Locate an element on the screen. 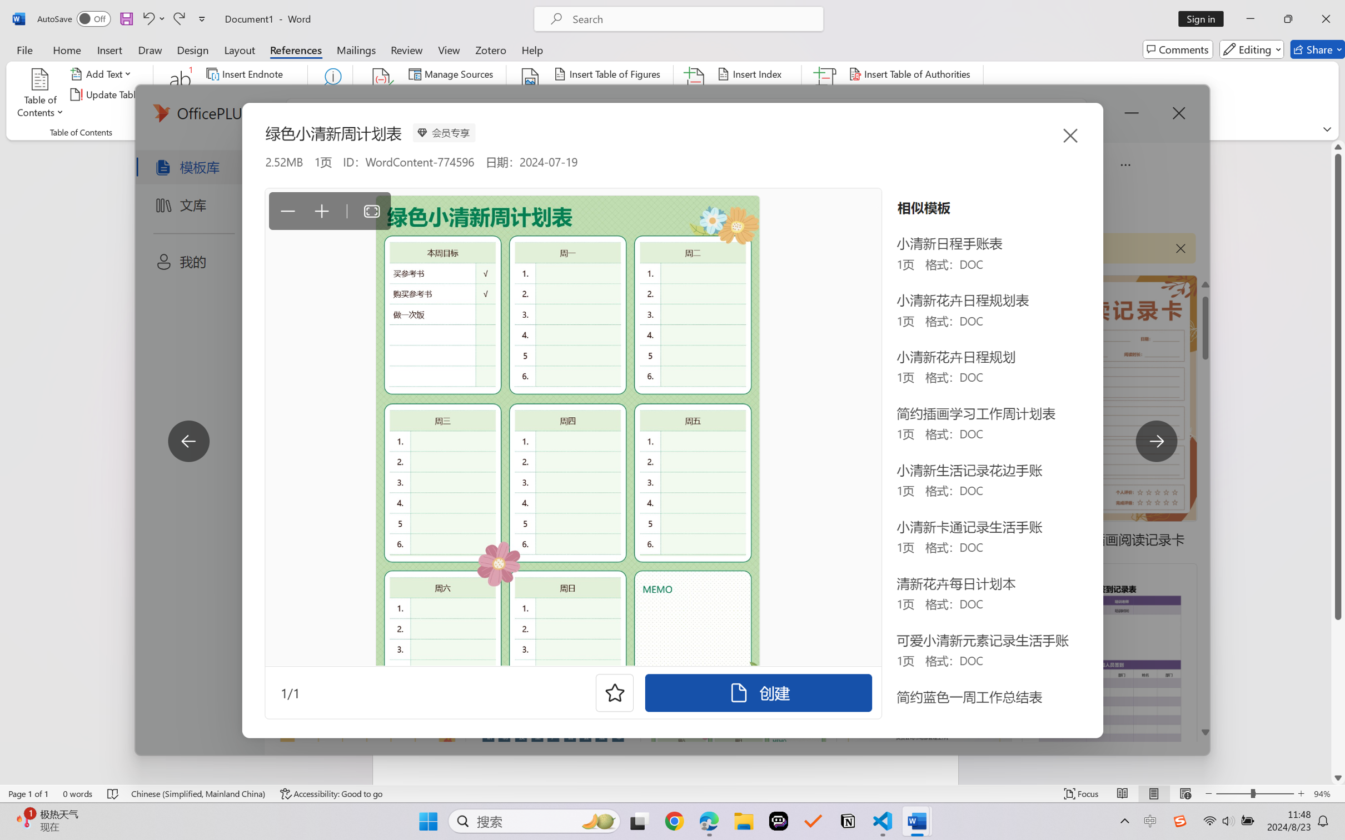  'Page down' is located at coordinates (1338, 694).